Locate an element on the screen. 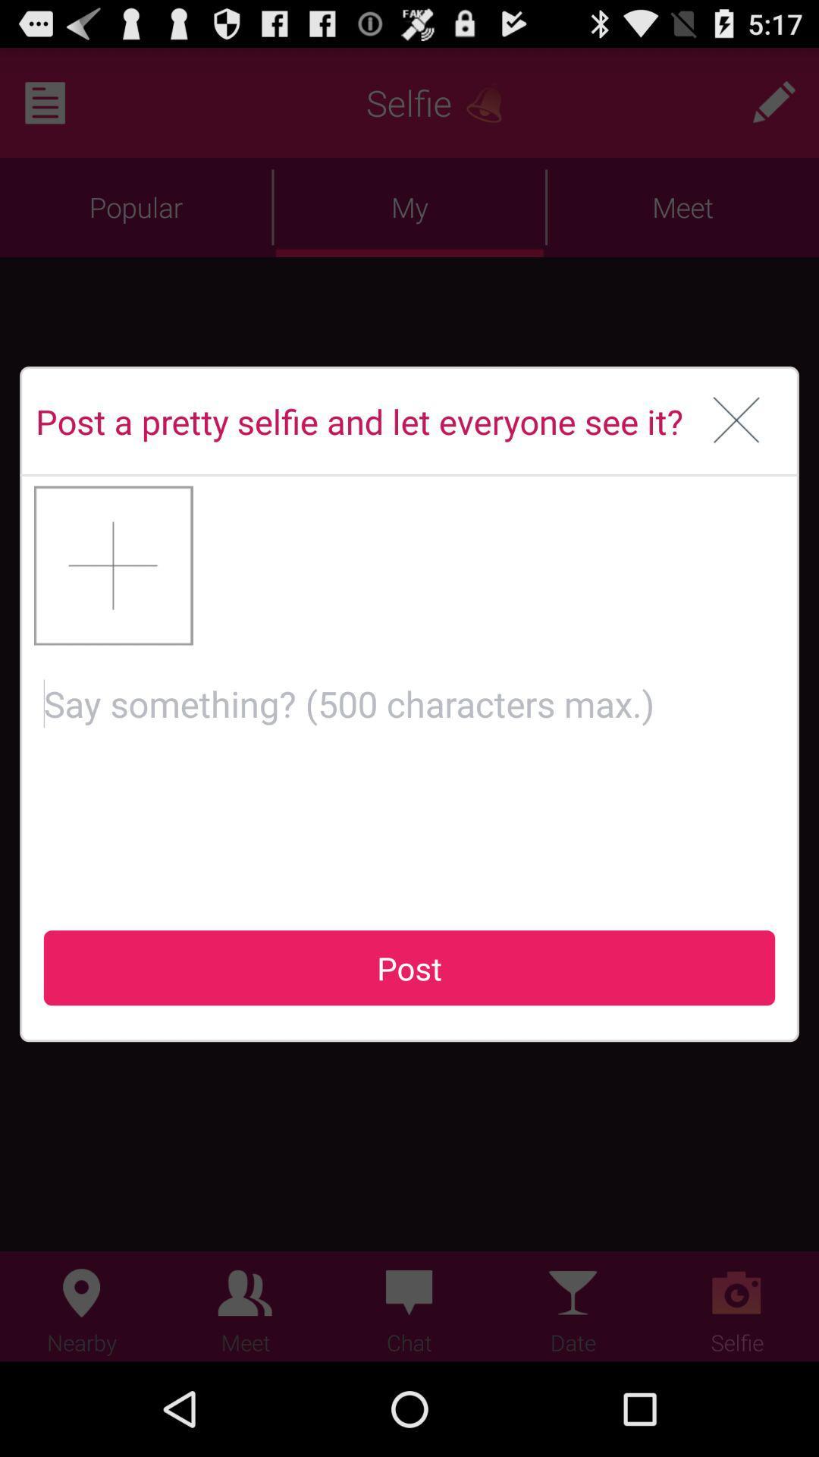 Image resolution: width=819 pixels, height=1457 pixels. typing box is located at coordinates (409, 775).